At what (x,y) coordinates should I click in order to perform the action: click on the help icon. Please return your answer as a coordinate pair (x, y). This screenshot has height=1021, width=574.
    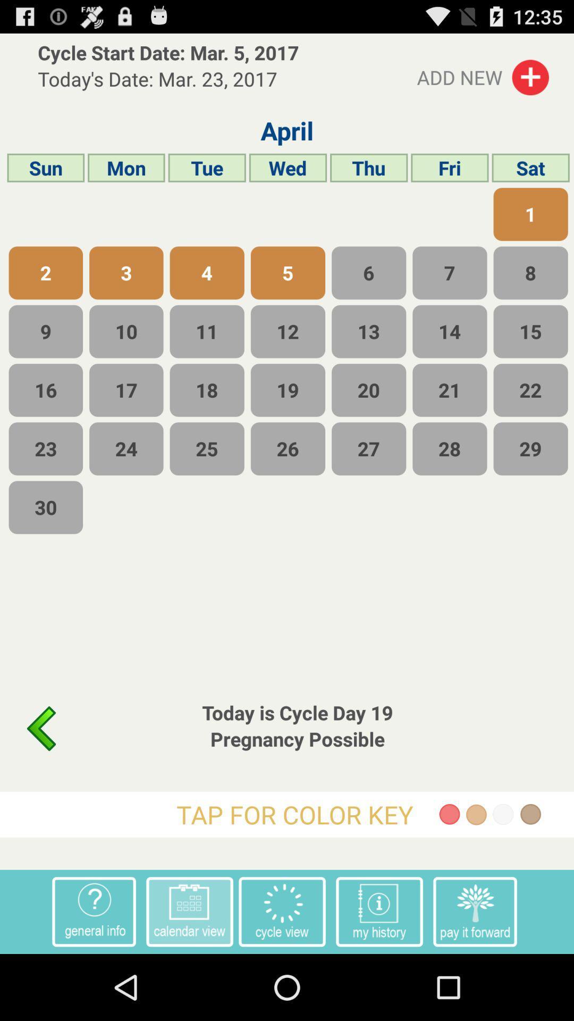
    Looking at the image, I should click on (94, 976).